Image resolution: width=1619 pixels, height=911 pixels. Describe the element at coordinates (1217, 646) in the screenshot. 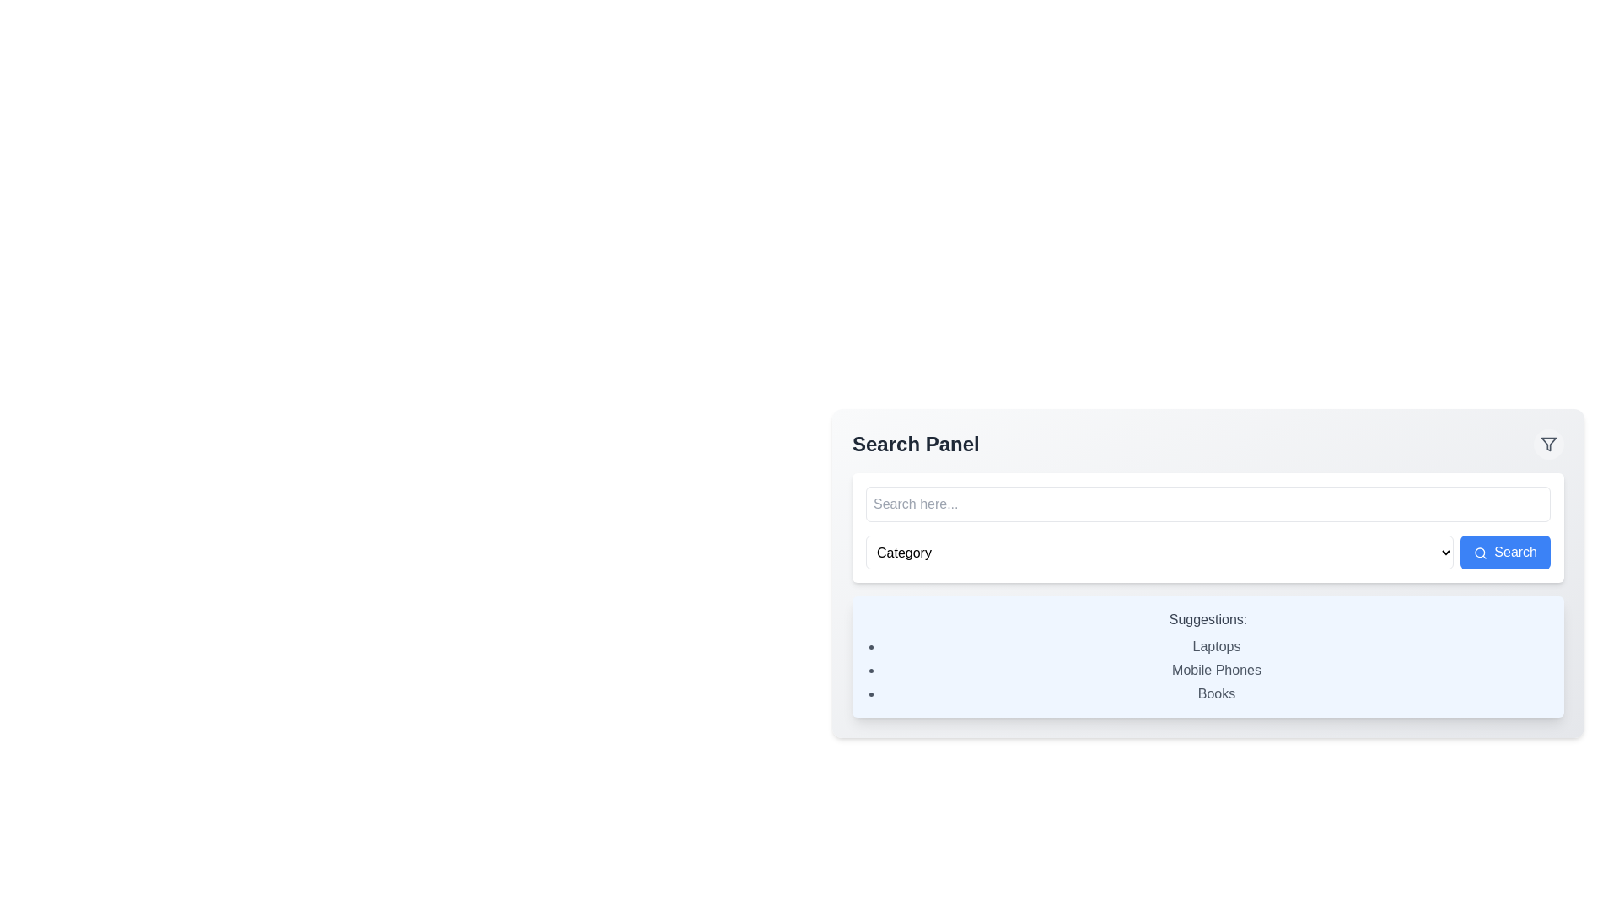

I see `the first item in the 'Suggestions' list which serves as an informational entry, located above 'Mobile Phones' and 'Books'` at that location.